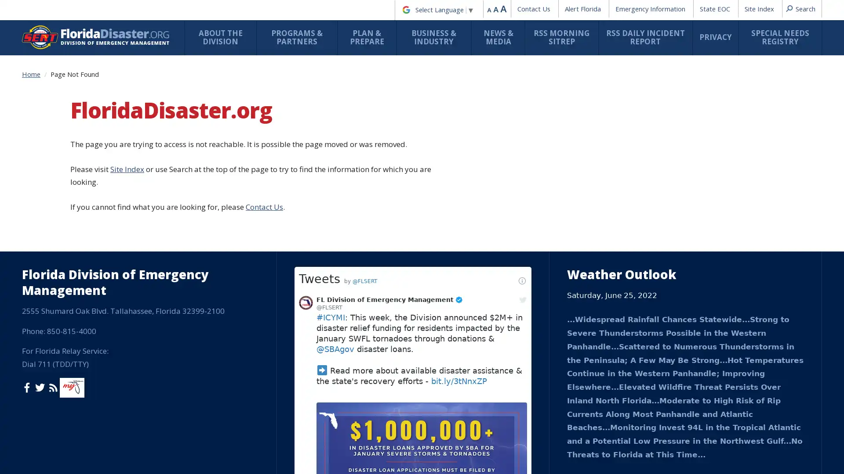 The width and height of the screenshot is (844, 474). I want to click on Toggle More, so click(352, 348).